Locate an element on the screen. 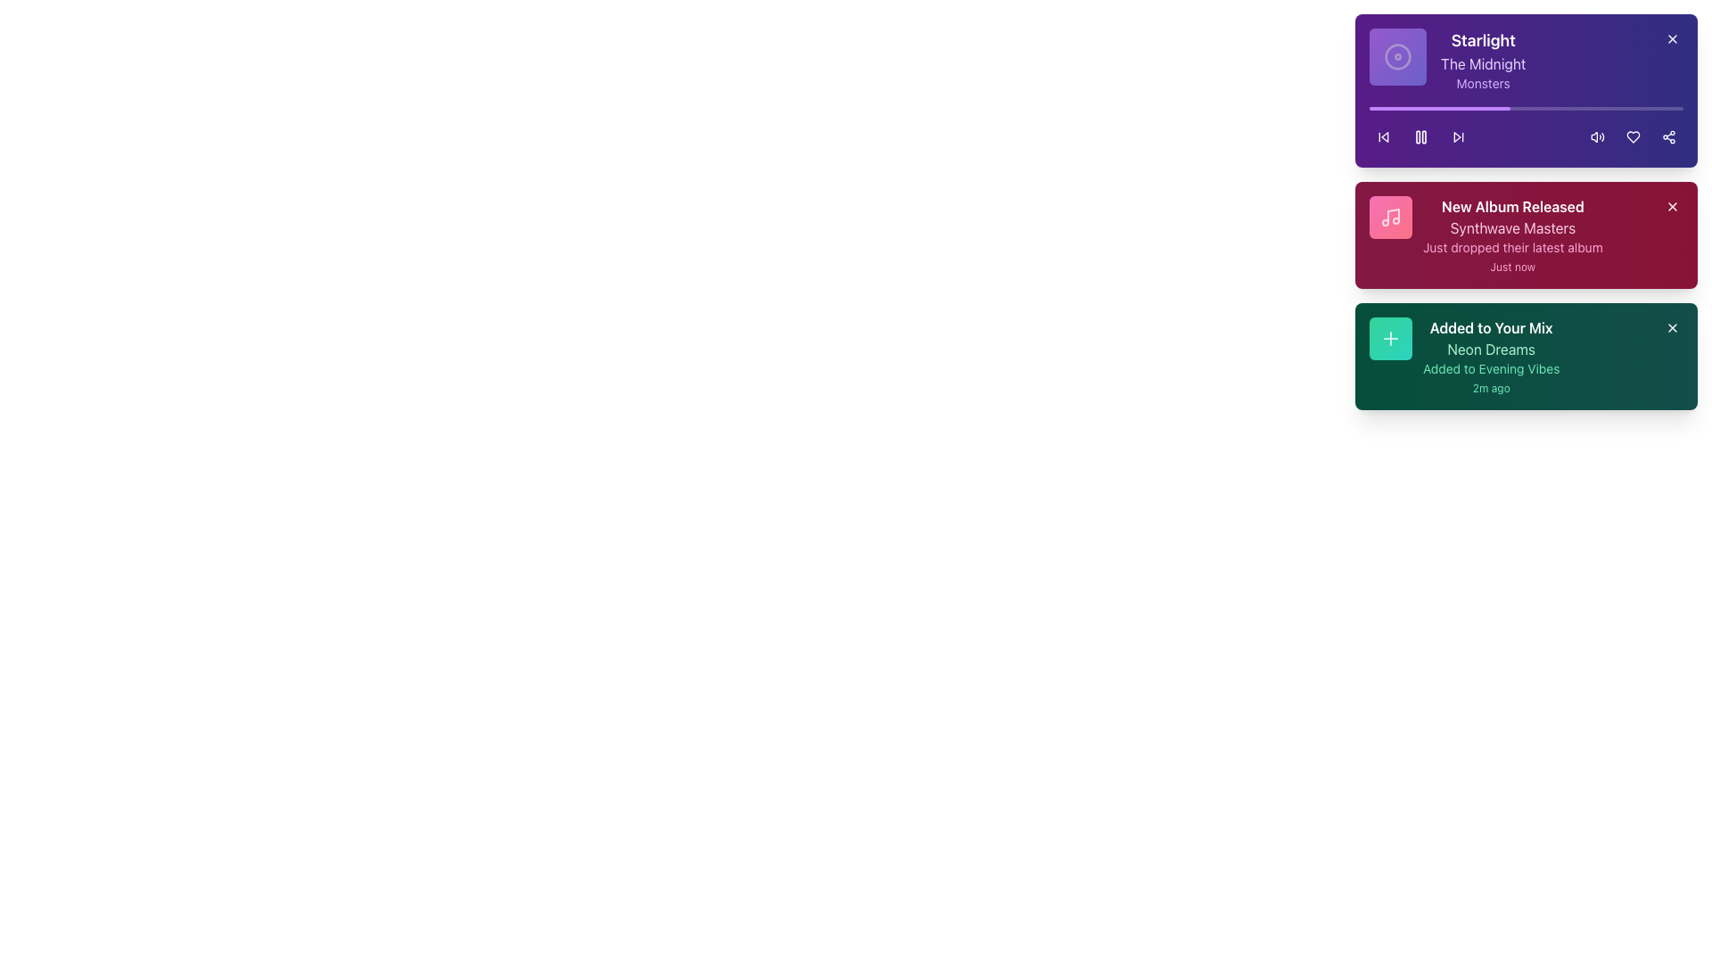  the pink-to-rose gradient icon with a white music note in the 'New Album Released' card for visual feedback is located at coordinates (1390, 216).